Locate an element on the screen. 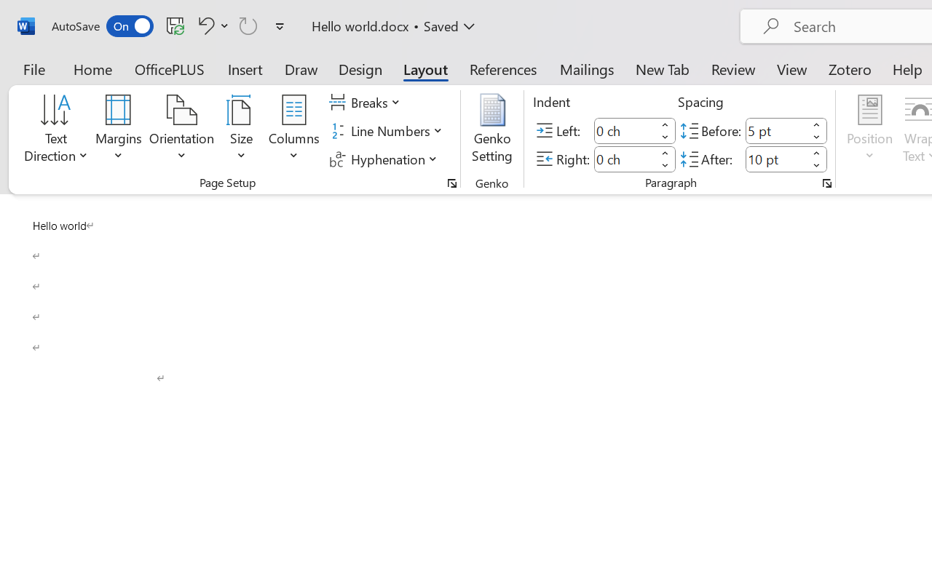  'Review' is located at coordinates (733, 68).